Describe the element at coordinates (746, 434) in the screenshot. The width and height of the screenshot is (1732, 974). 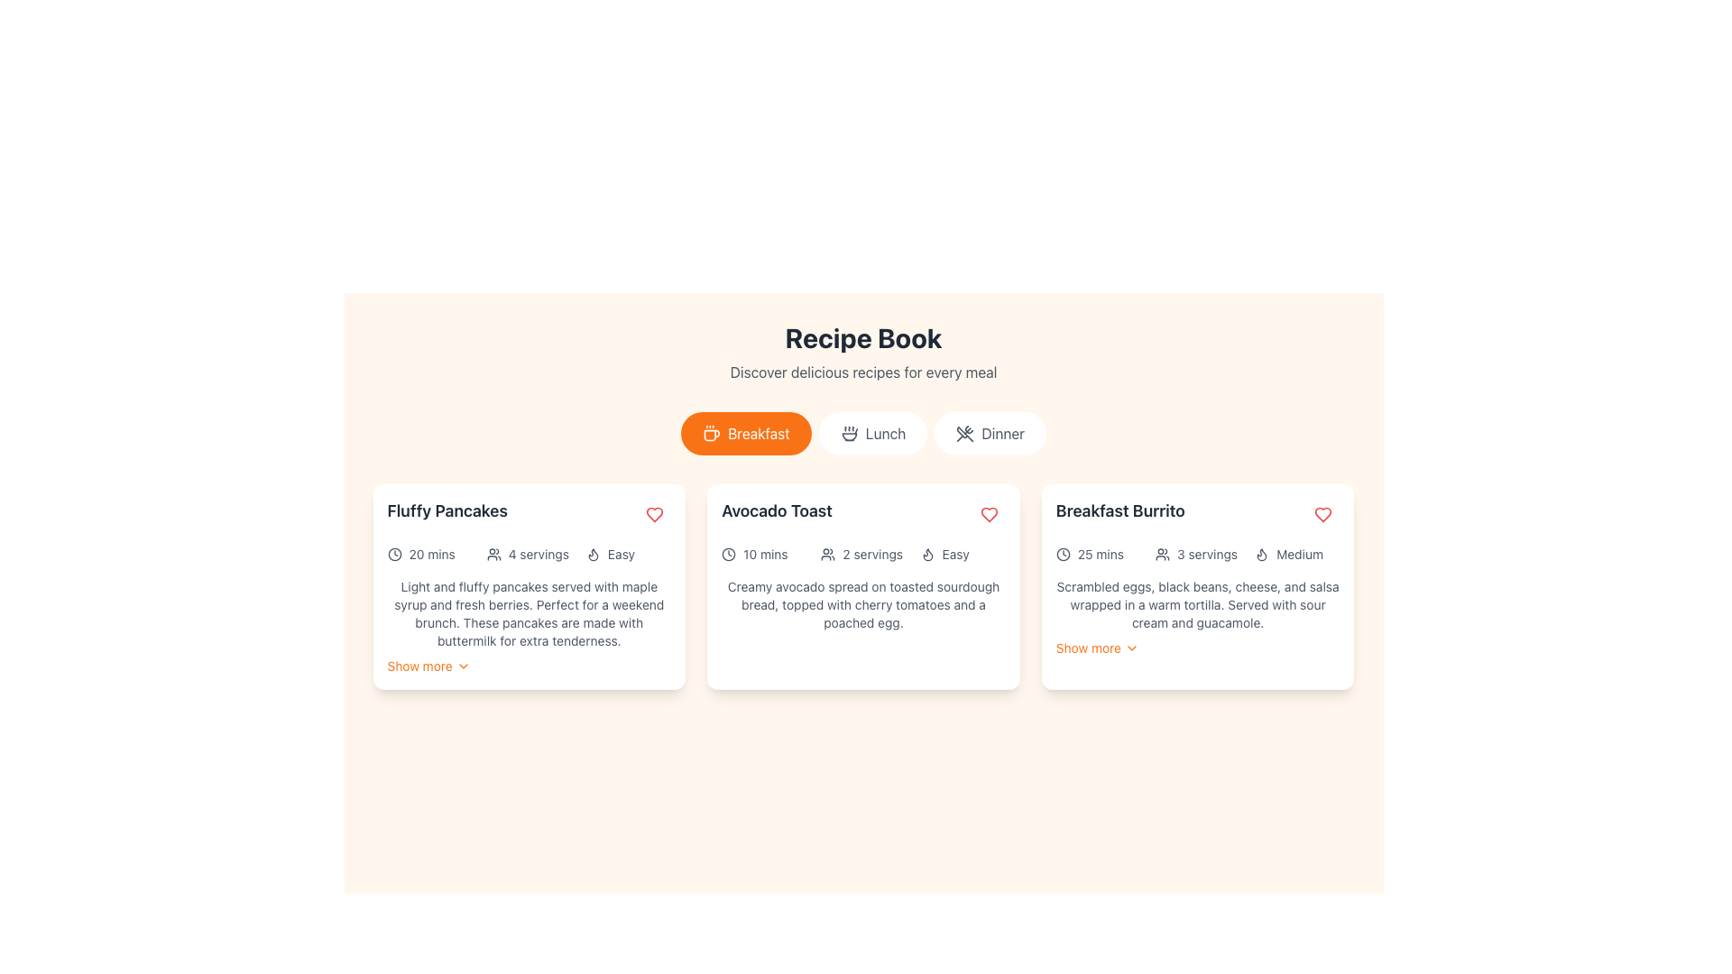
I see `the 'Breakfast' category selector button, which is the first button in a horizontal group located beneath the title 'Recipe Book'` at that location.